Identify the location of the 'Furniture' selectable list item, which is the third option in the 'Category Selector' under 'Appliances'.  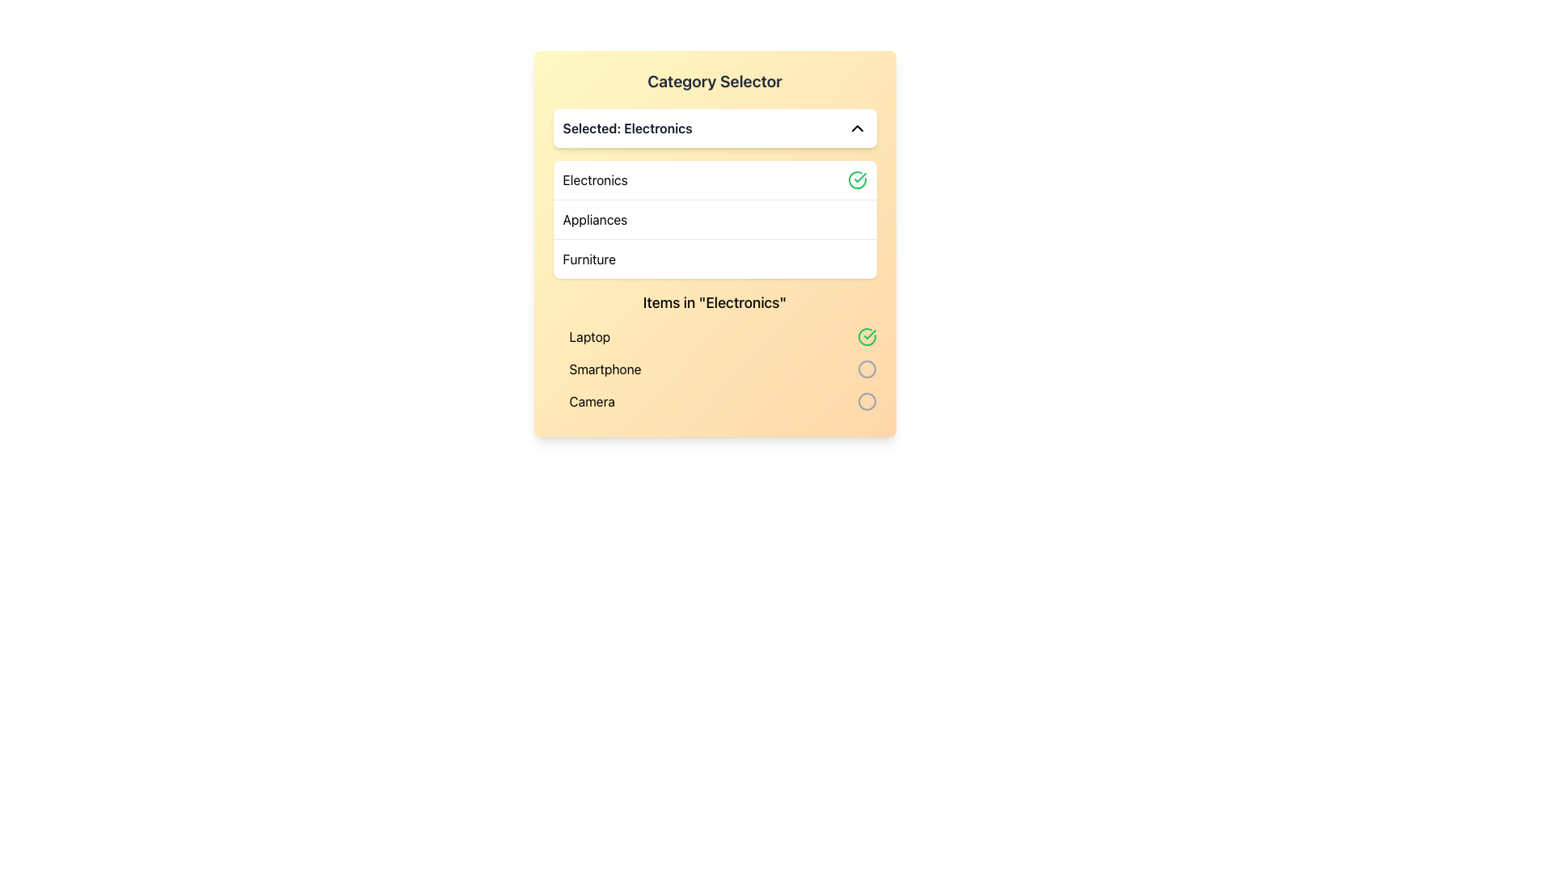
(714, 258).